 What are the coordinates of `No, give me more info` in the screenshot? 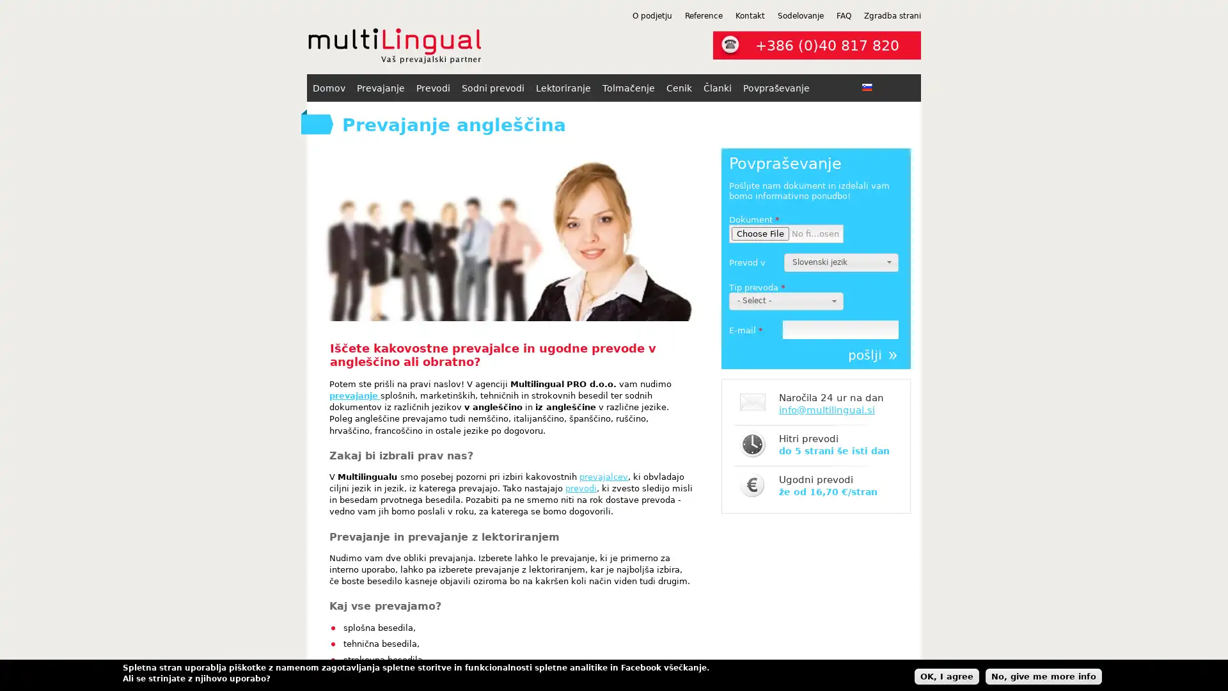 It's located at (1044, 675).